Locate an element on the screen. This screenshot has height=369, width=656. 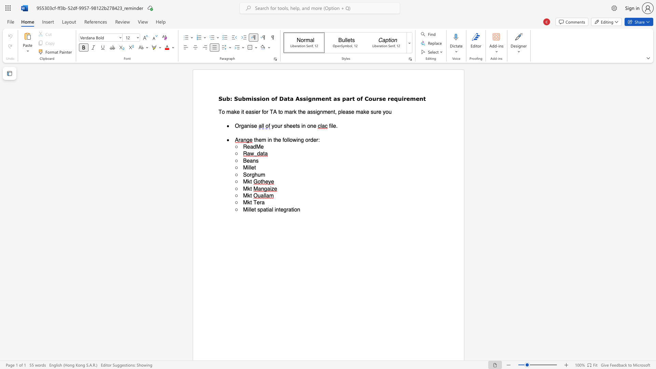
the 1th character "a" in the text is located at coordinates (335, 98).